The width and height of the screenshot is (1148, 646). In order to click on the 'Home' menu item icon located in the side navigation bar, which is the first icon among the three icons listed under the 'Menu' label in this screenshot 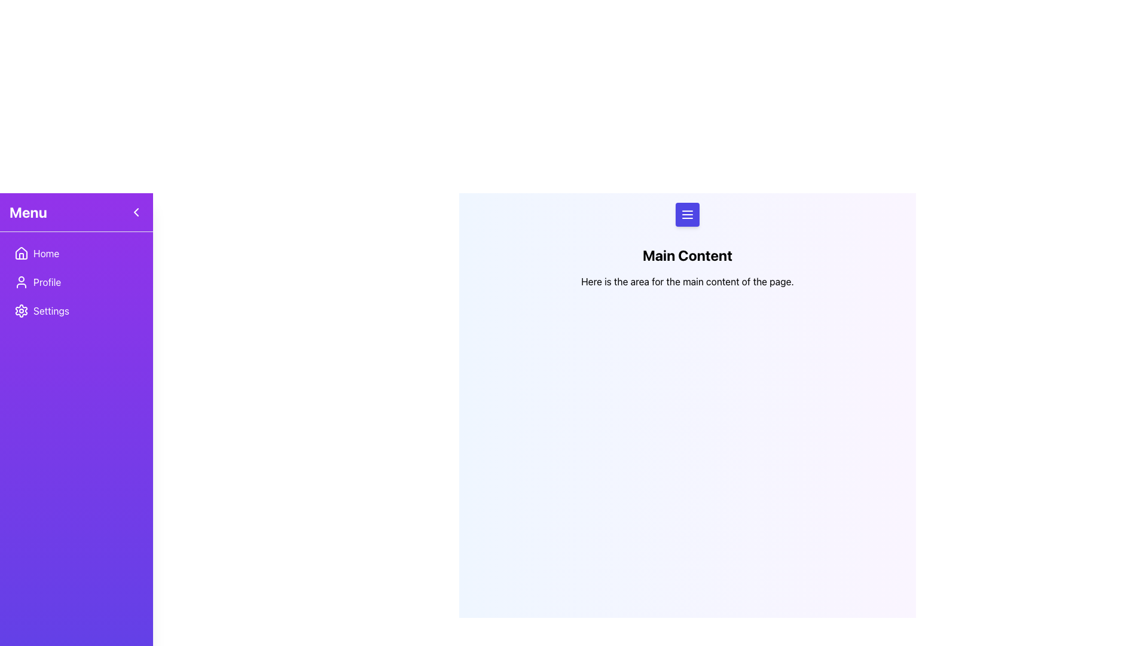, I will do `click(21, 253)`.